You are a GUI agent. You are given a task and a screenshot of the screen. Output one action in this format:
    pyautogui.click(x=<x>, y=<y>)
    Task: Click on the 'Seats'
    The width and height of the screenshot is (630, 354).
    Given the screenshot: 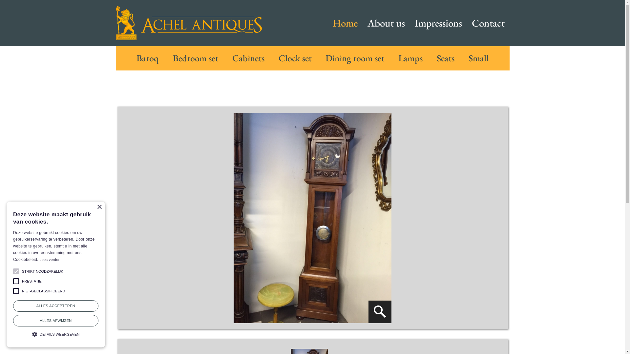 What is the action you would take?
    pyautogui.click(x=436, y=58)
    